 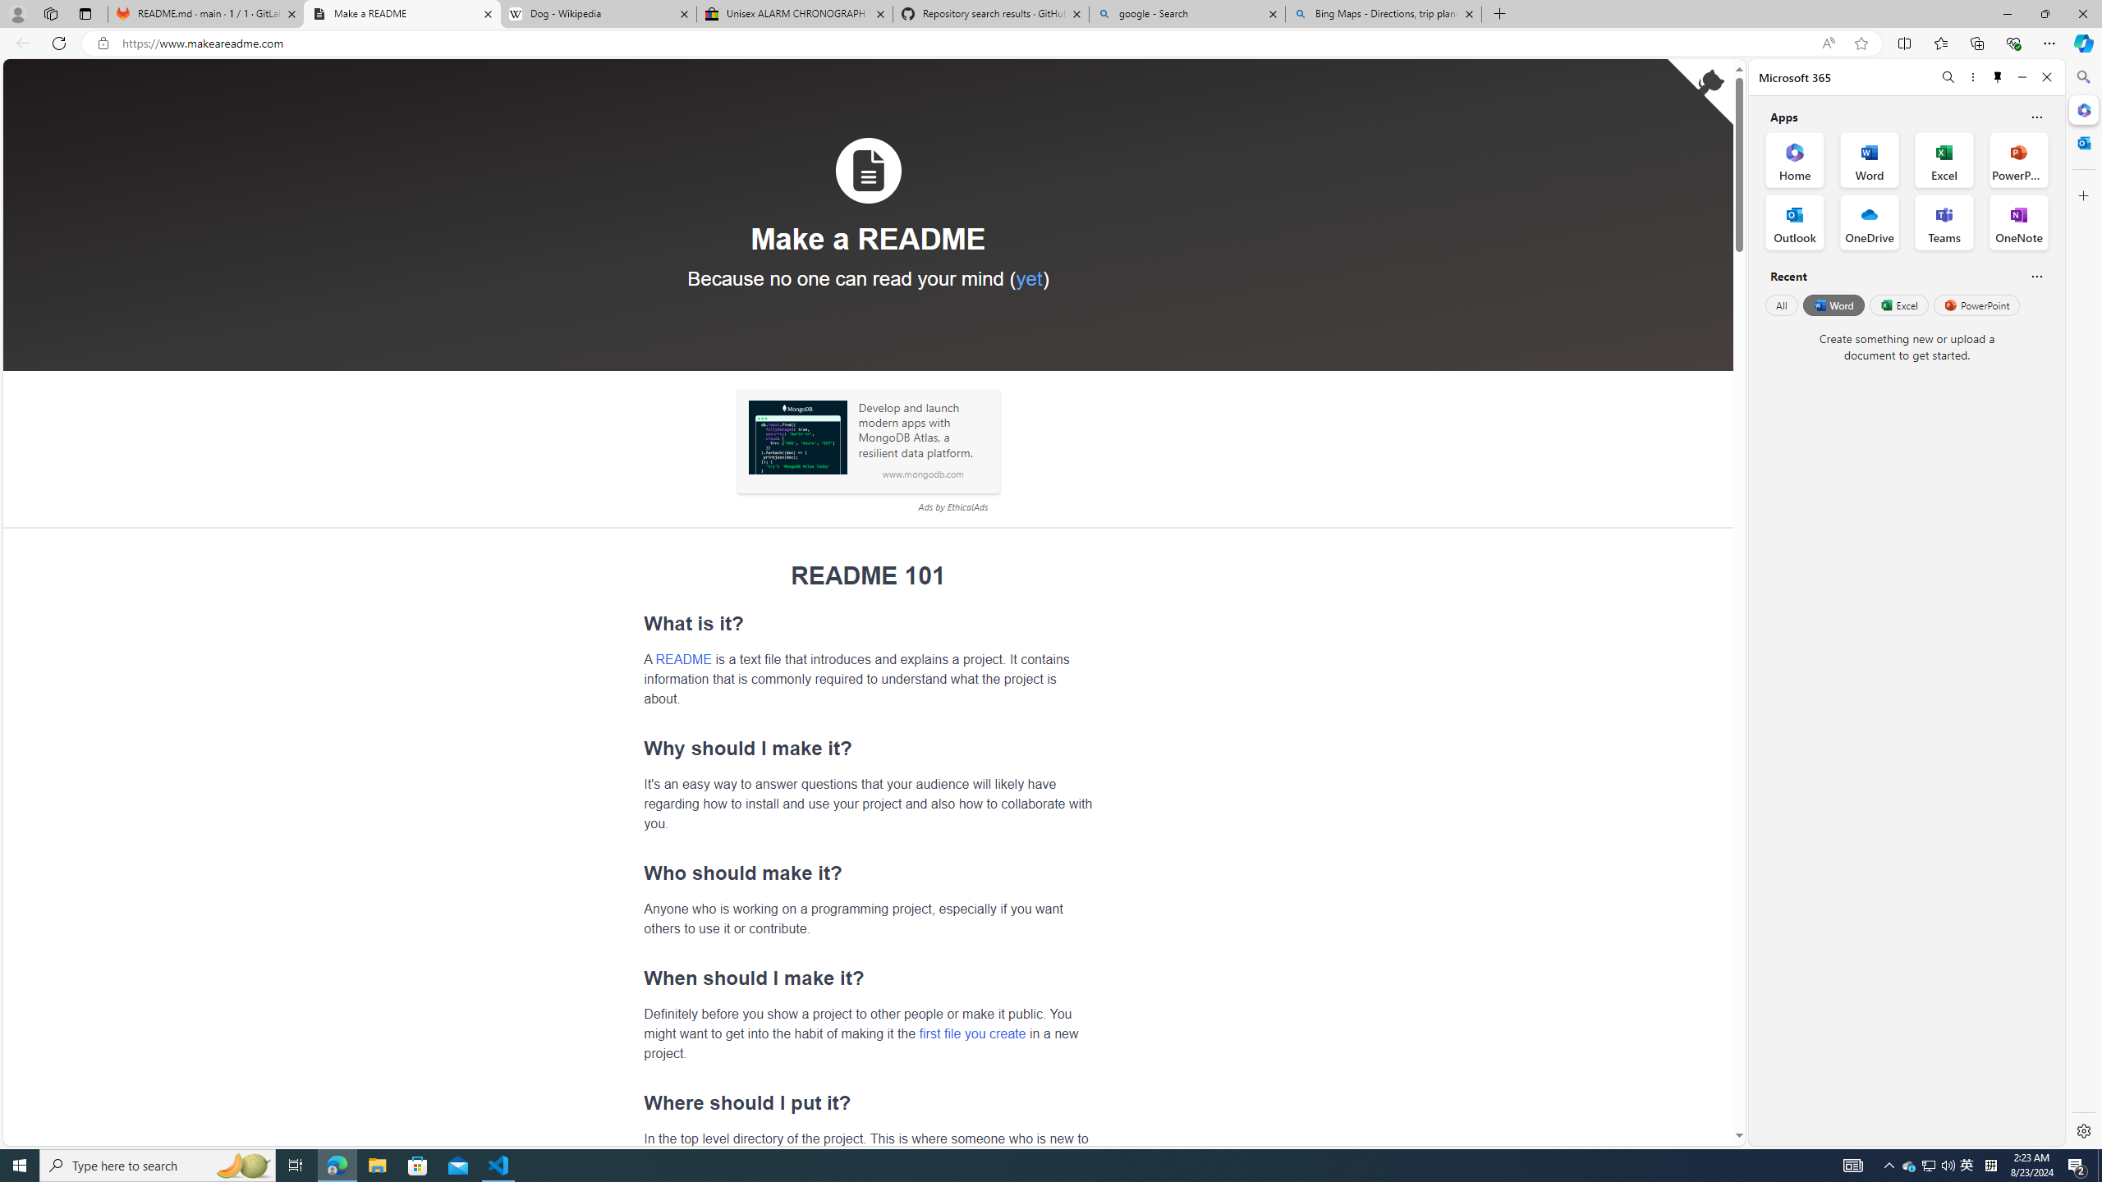 I want to click on 'yet', so click(x=1028, y=277).